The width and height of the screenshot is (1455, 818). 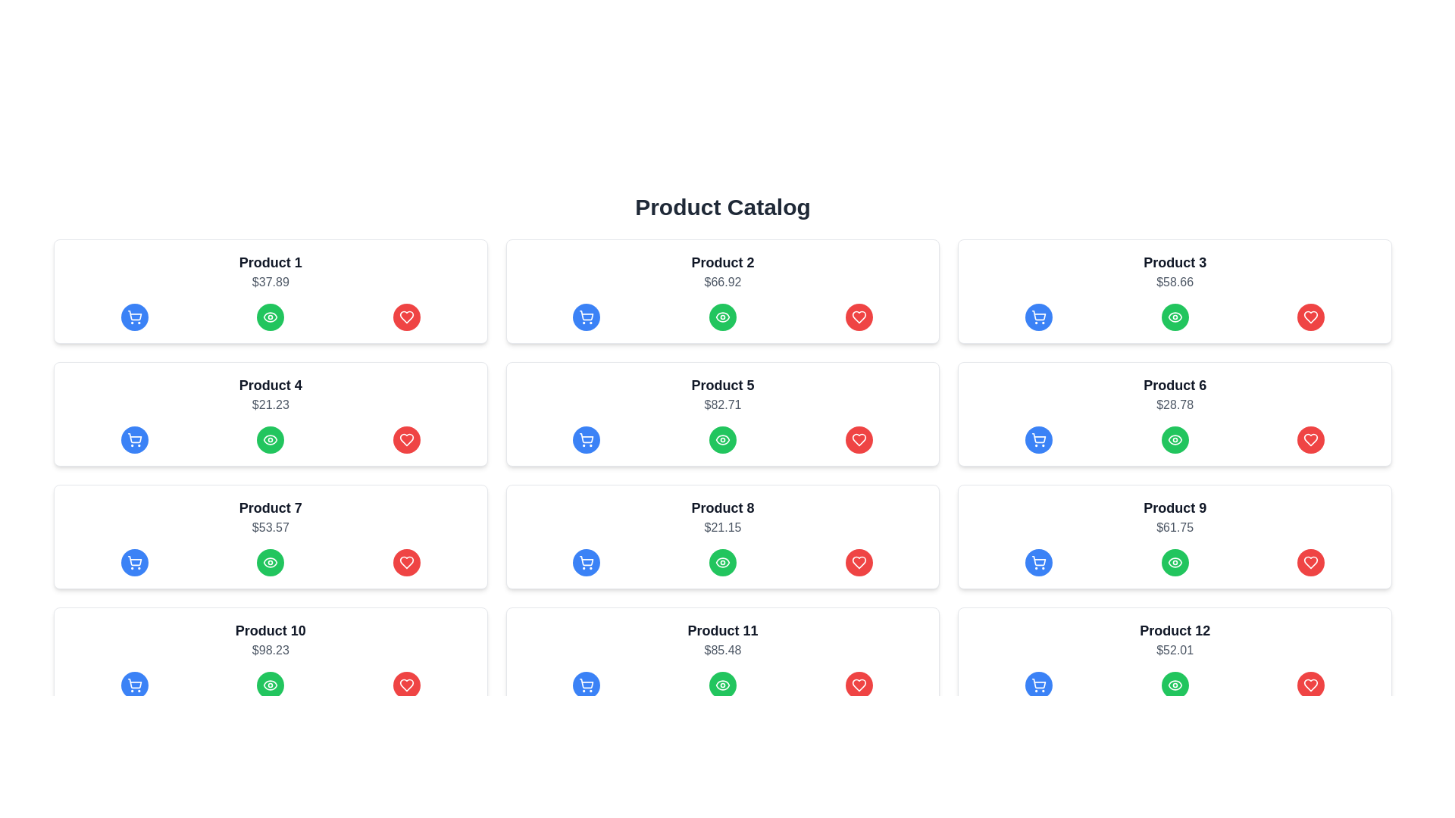 I want to click on the 'view details' button for 'Product 5' priced at $82.71 in the product catalog grid, so click(x=722, y=440).